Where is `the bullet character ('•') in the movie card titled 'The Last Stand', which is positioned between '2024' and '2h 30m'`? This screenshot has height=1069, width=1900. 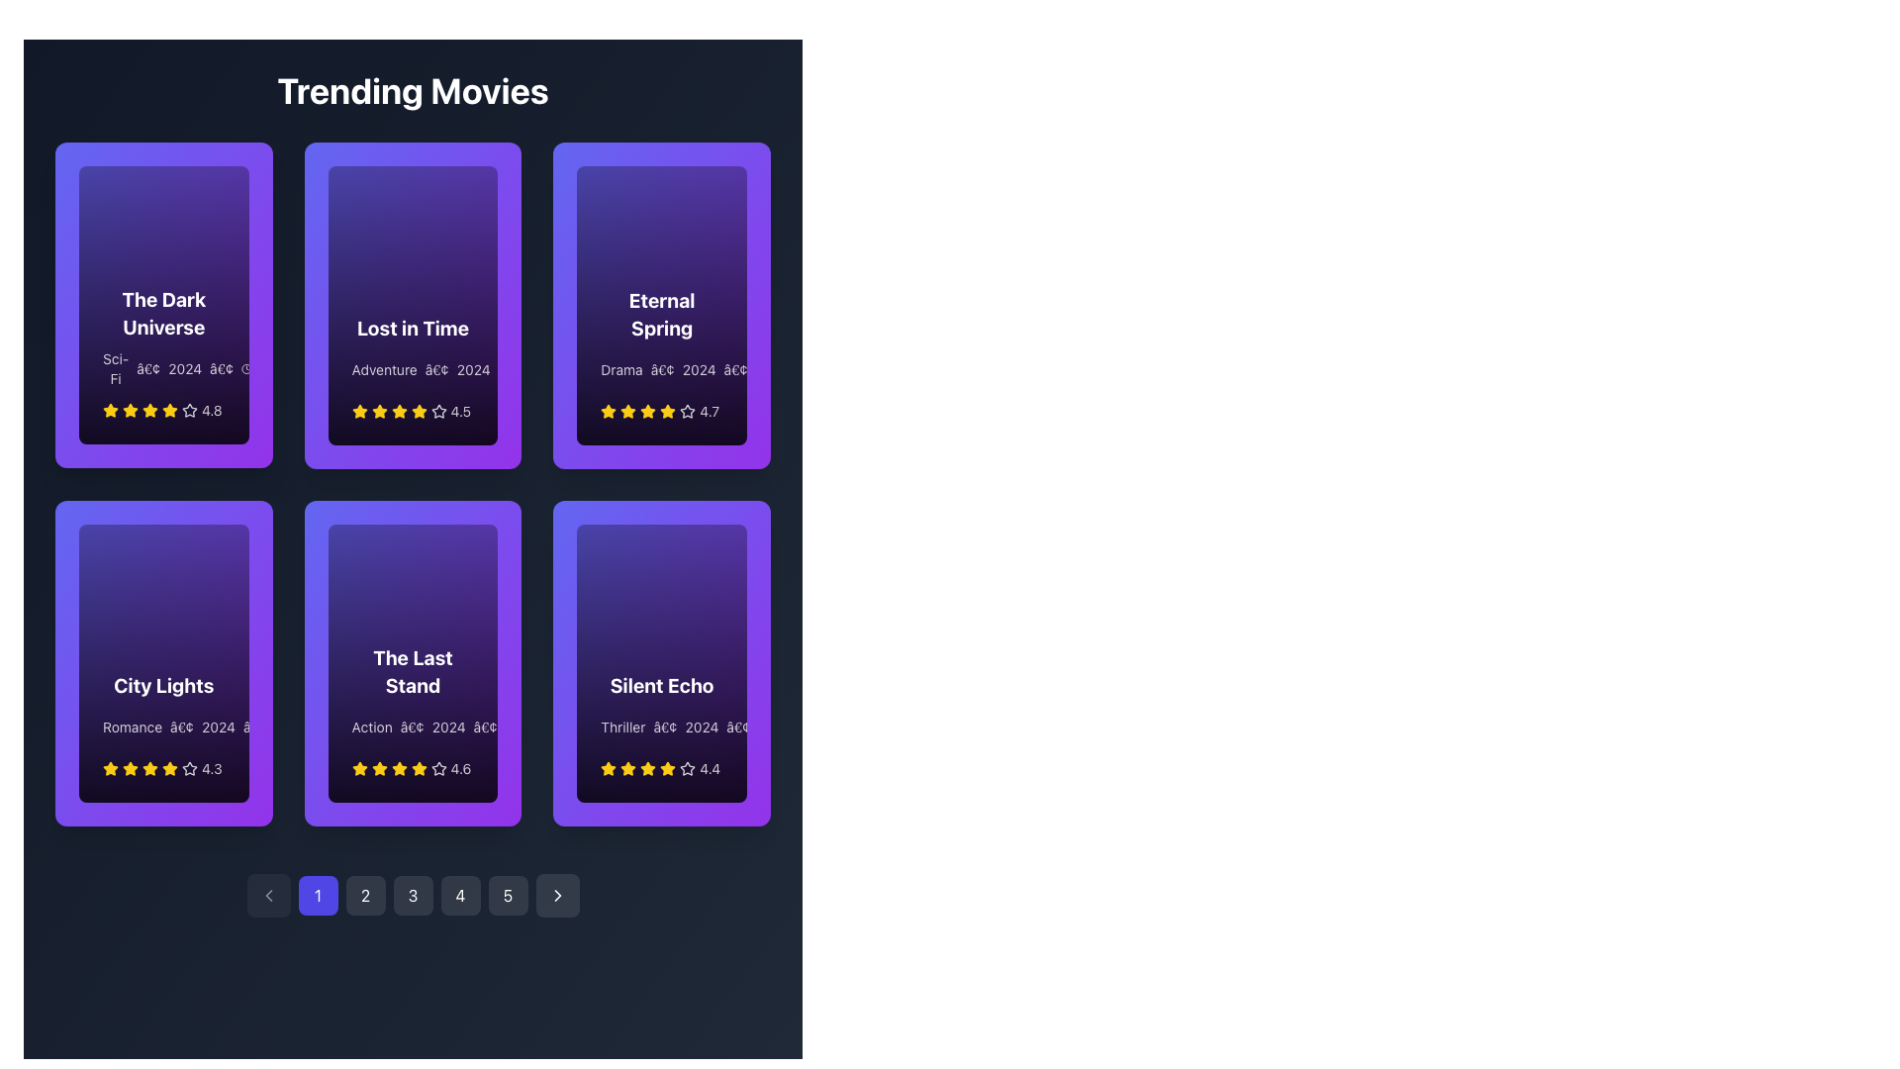
the bullet character ('•') in the movie card titled 'The Last Stand', which is positioned between '2024' and '2h 30m' is located at coordinates (485, 728).